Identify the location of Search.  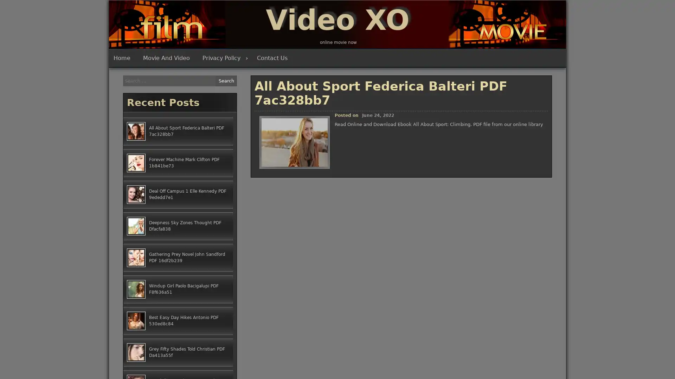
(226, 80).